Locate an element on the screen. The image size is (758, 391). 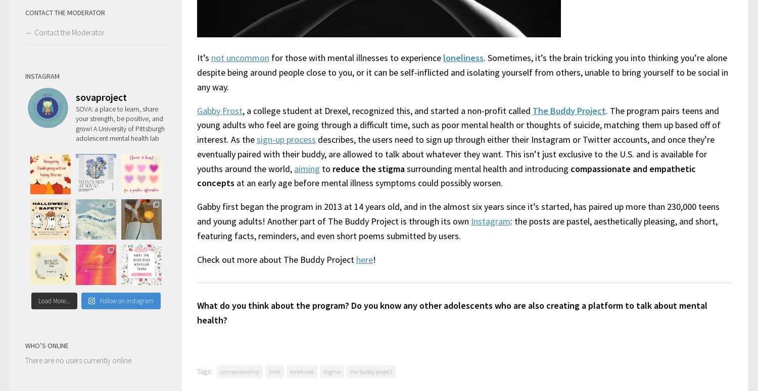
'reduce the stigma' is located at coordinates (368, 167).